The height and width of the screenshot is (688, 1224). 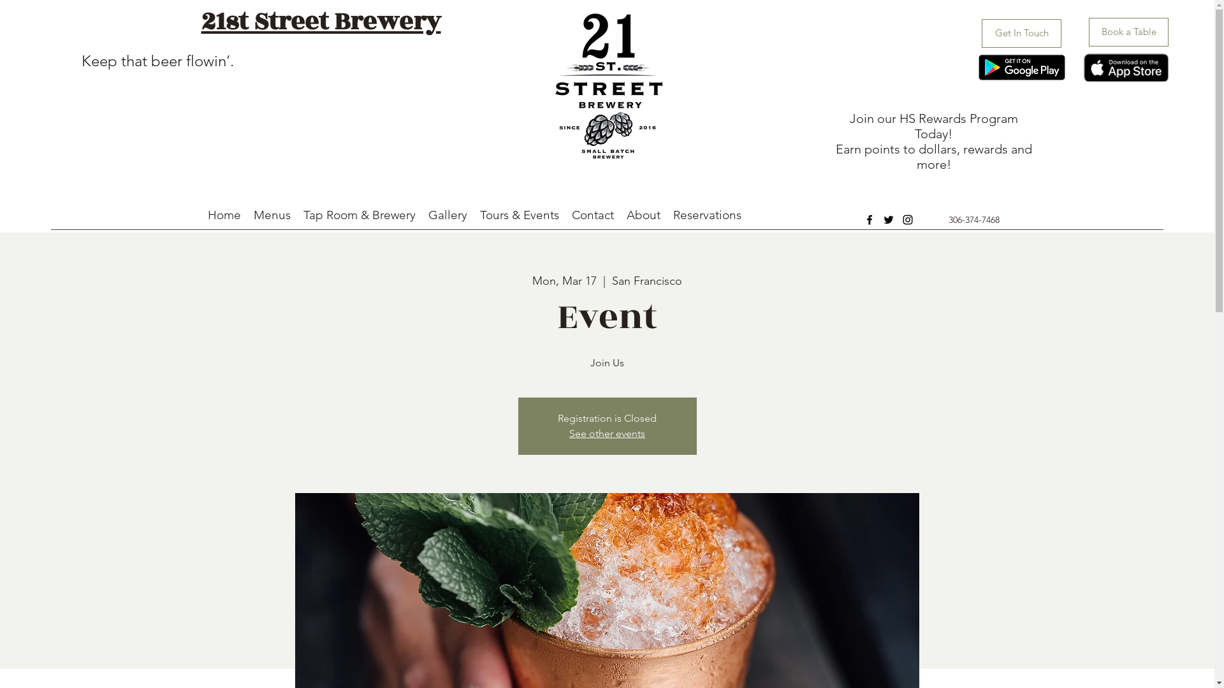 What do you see at coordinates (1088, 31) in the screenshot?
I see `'Book a Table'` at bounding box center [1088, 31].